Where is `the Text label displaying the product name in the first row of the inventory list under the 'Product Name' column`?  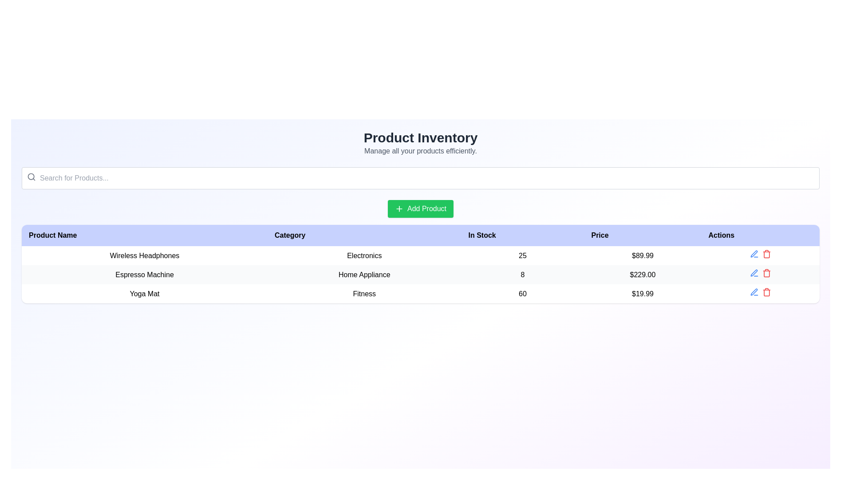
the Text label displaying the product name in the first row of the inventory list under the 'Product Name' column is located at coordinates (145, 255).